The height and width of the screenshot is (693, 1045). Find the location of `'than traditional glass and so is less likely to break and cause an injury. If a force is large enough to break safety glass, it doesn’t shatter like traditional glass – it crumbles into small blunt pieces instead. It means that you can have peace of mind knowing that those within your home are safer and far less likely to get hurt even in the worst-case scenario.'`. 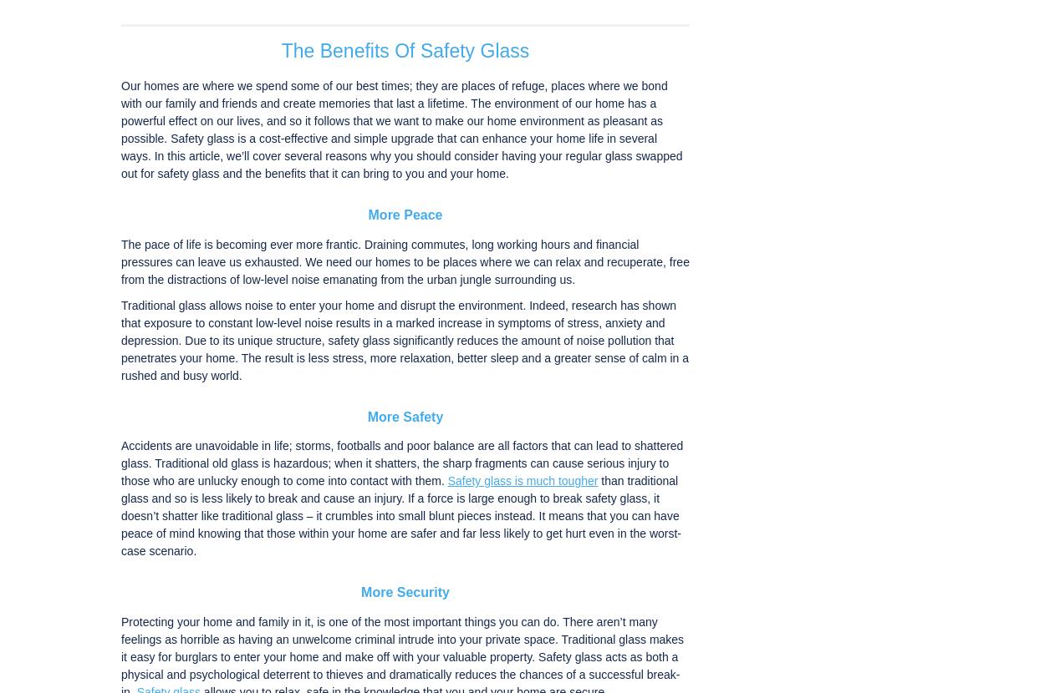

'than traditional glass and so is less likely to break and cause an injury. If a force is large enough to break safety glass, it doesn’t shatter like traditional glass – it crumbles into small blunt pieces instead. It means that you can have peace of mind knowing that those within your home are safer and far less likely to get hurt even in the worst-case scenario.' is located at coordinates (400, 516).